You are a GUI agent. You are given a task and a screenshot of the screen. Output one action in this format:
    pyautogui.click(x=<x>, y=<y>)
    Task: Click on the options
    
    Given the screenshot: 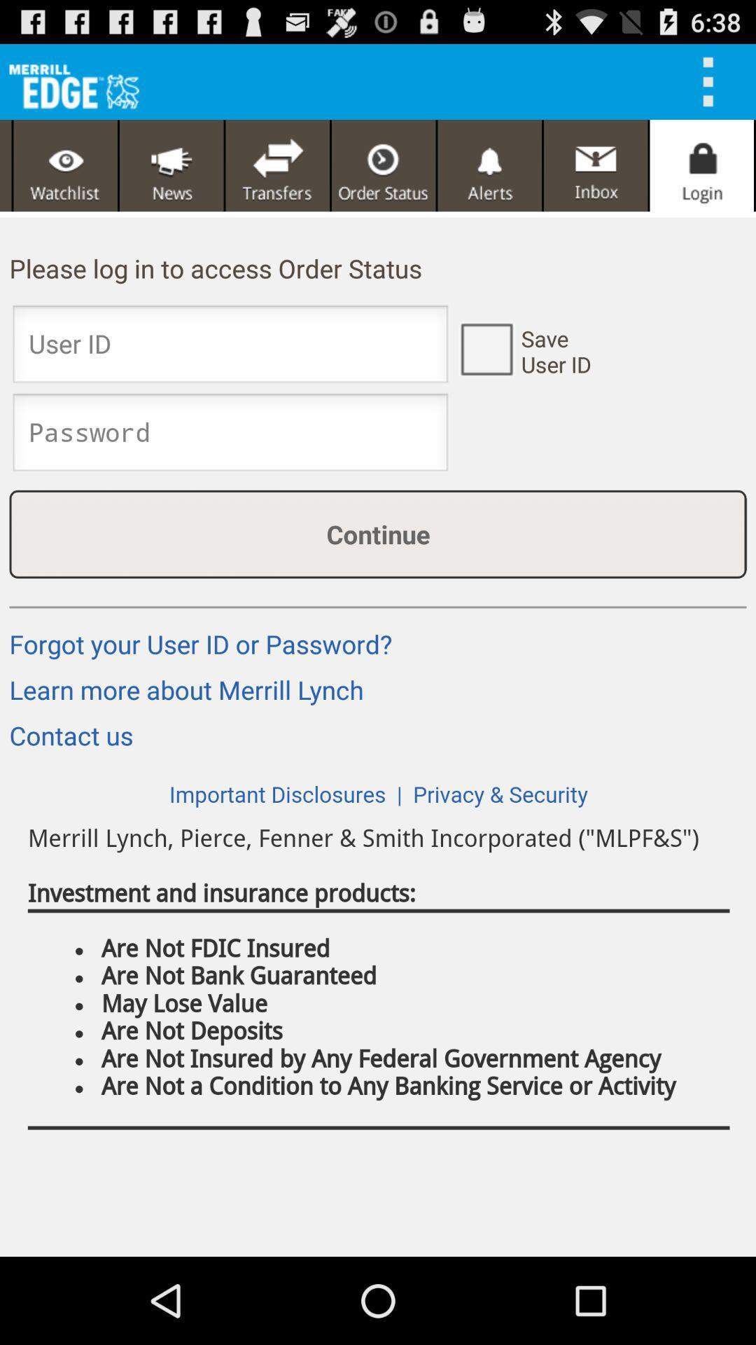 What is the action you would take?
    pyautogui.click(x=713, y=81)
    